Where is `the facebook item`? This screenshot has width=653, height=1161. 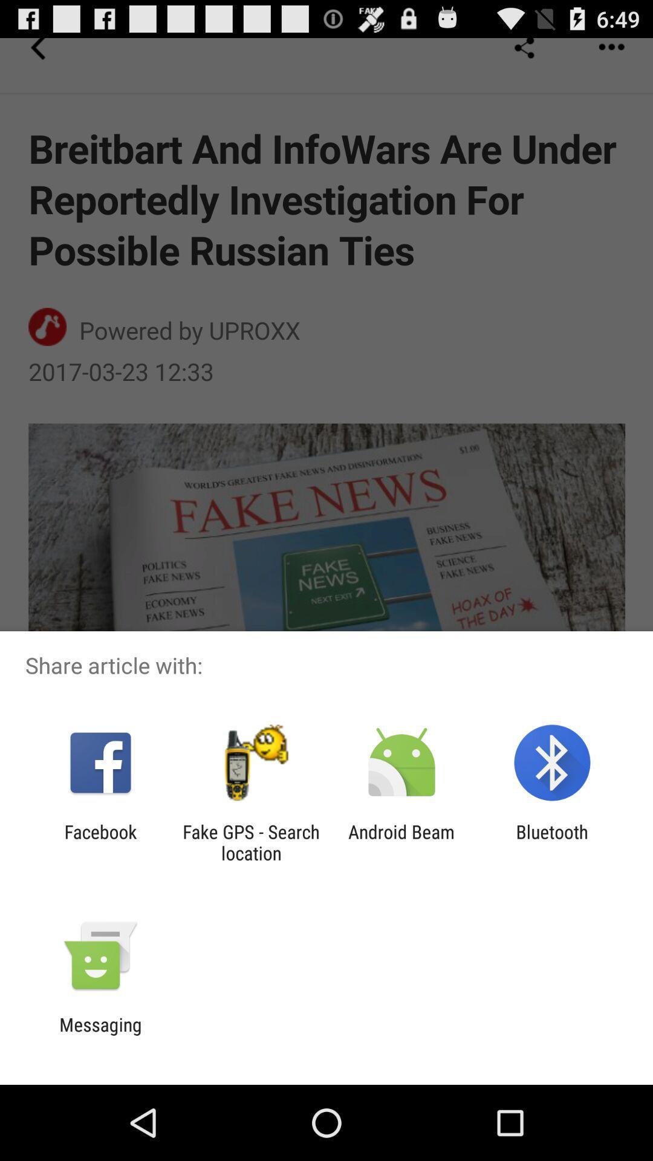 the facebook item is located at coordinates (100, 842).